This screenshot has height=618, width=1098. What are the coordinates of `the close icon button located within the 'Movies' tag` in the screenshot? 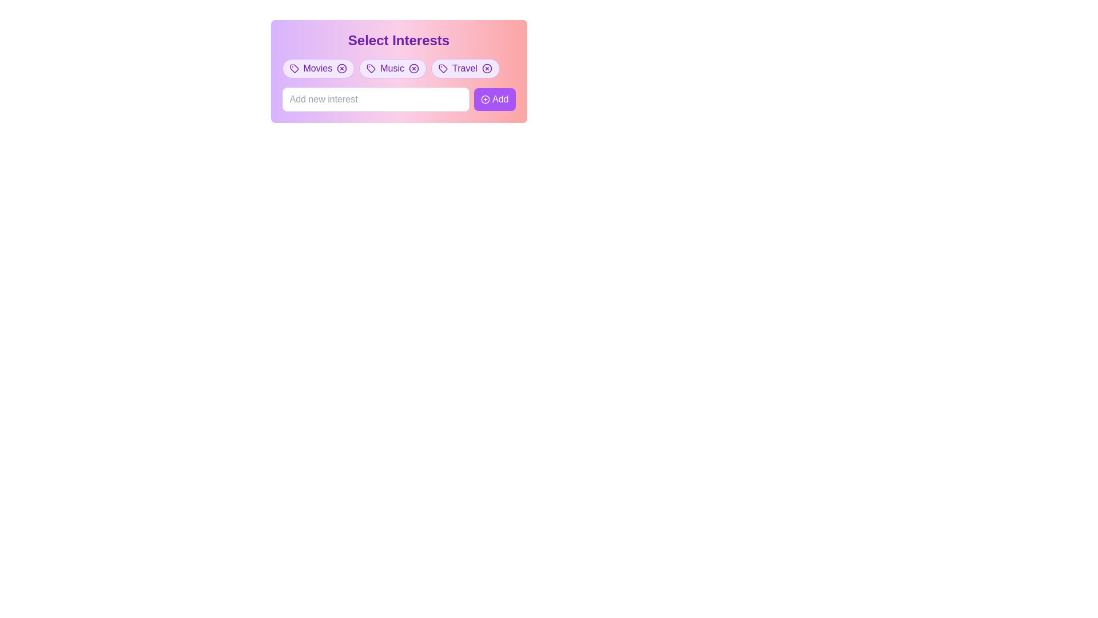 It's located at (341, 68).